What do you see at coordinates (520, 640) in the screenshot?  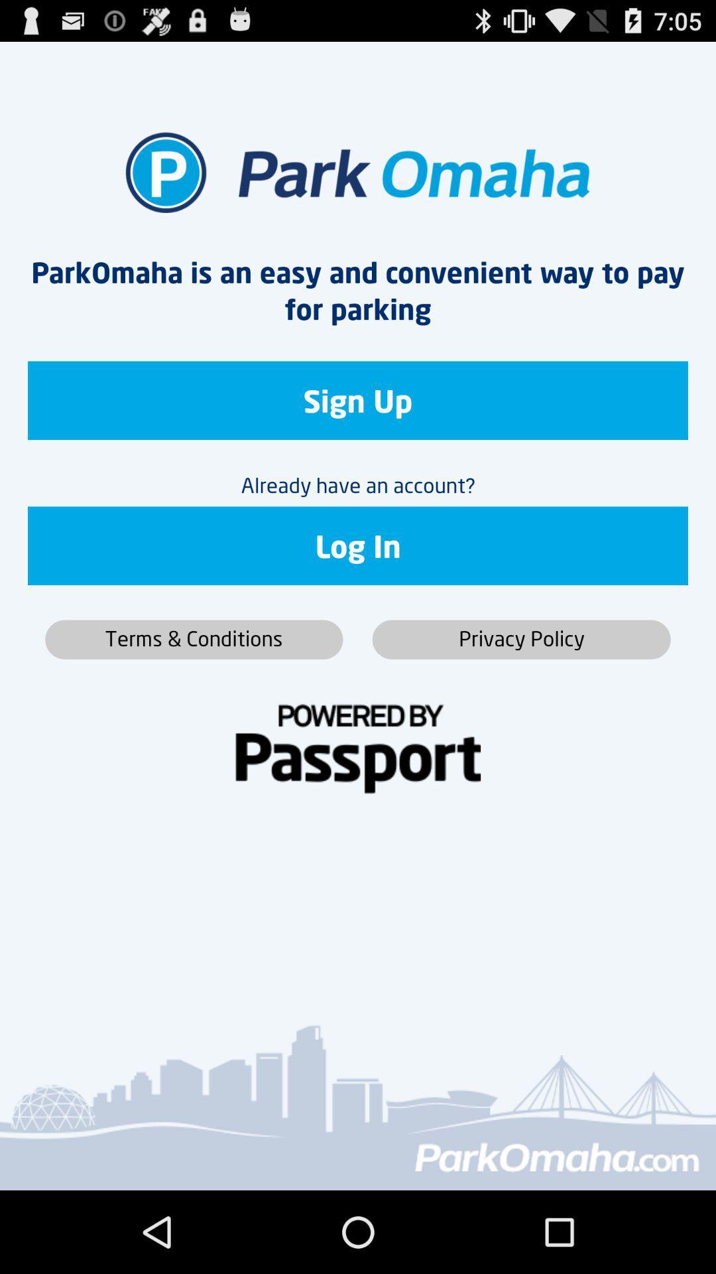 I see `the privacy policy item` at bounding box center [520, 640].